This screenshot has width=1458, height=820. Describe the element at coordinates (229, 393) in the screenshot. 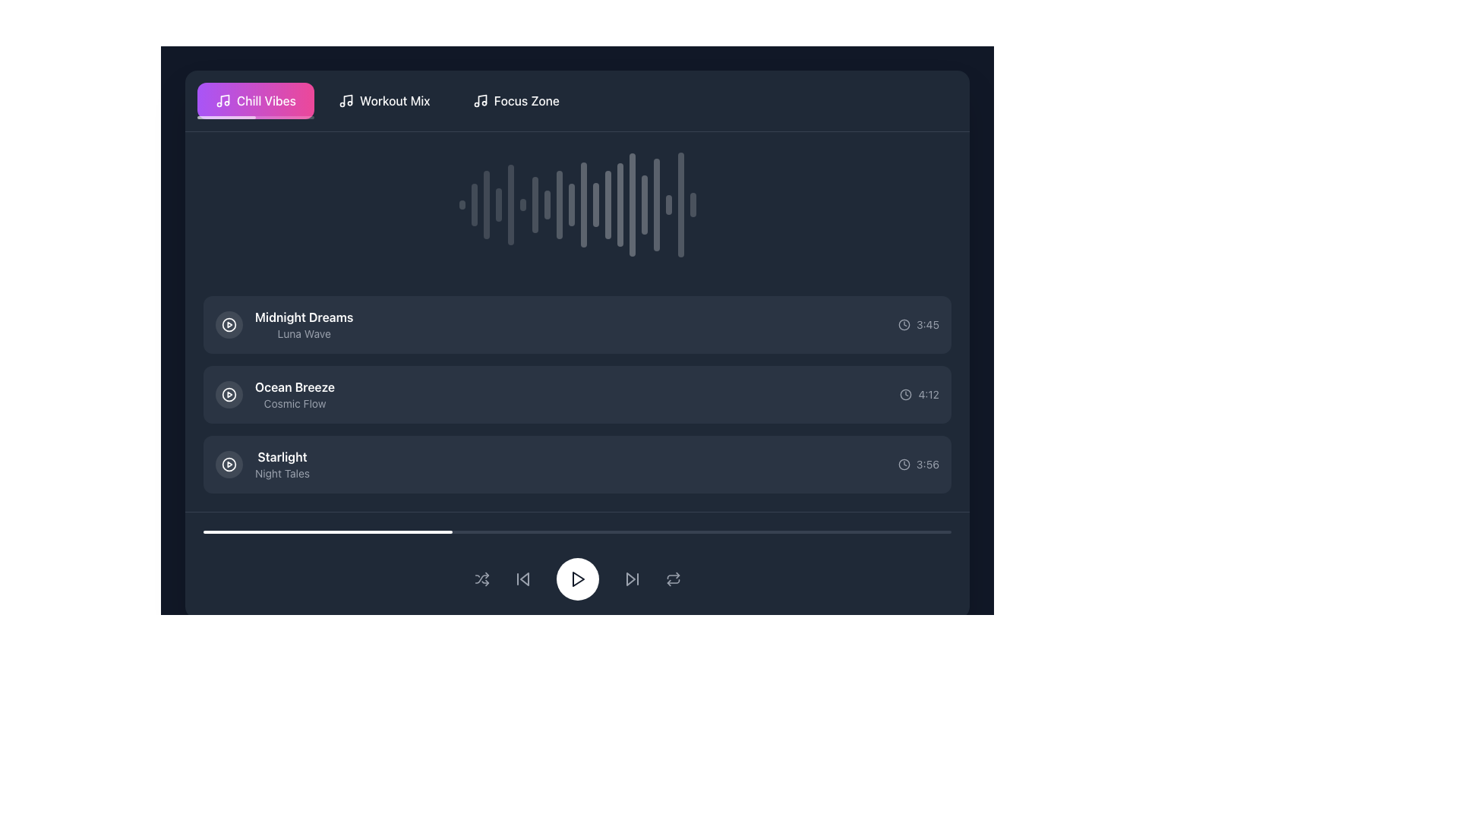

I see `the circular element representing play functionality located within the 'Ocean Breeze' music track in the middle-right region of the play button` at that location.